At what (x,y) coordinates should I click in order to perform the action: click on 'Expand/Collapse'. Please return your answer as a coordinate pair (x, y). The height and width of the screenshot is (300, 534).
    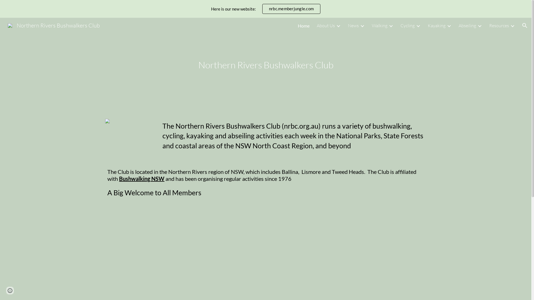
    Looking at the image, I should click on (338, 26).